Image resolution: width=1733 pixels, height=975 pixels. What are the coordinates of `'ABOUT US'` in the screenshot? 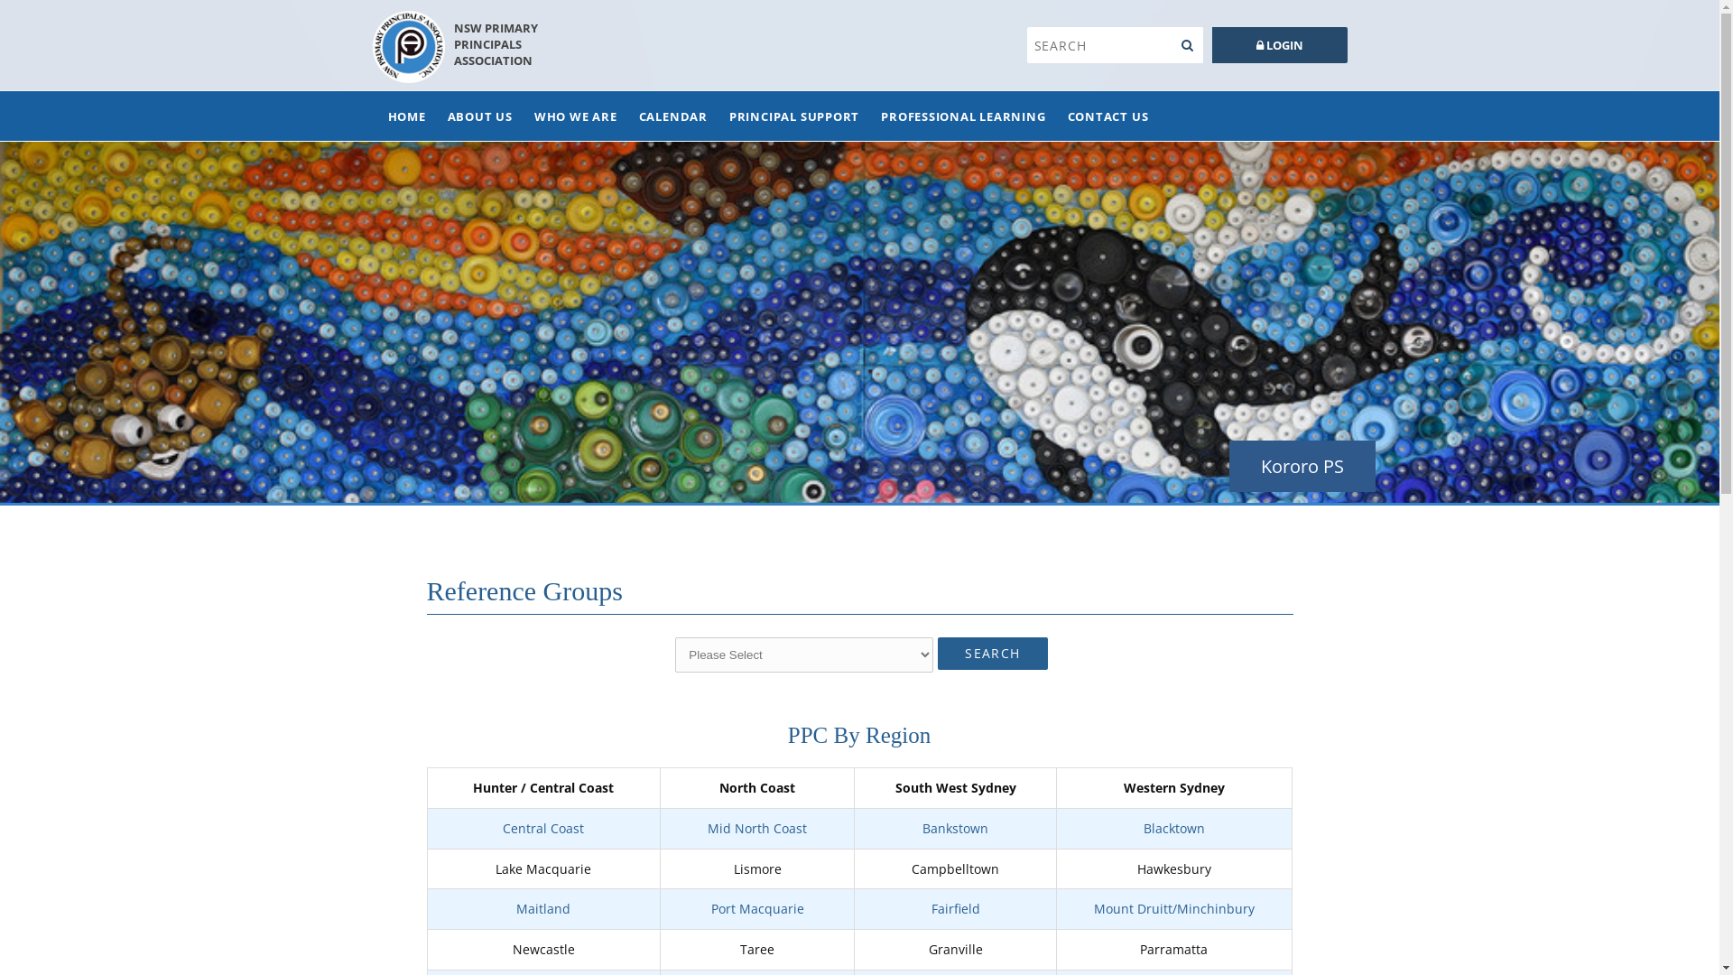 It's located at (480, 116).